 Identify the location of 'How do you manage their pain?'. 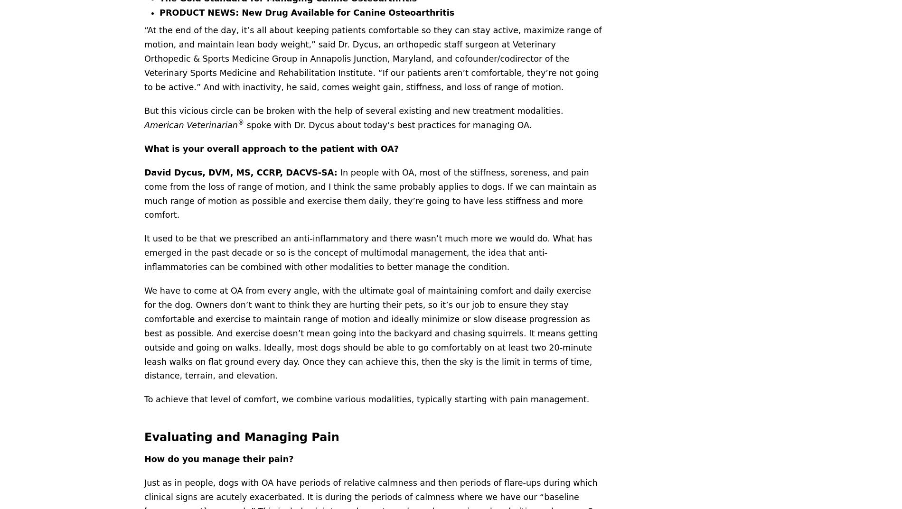
(218, 458).